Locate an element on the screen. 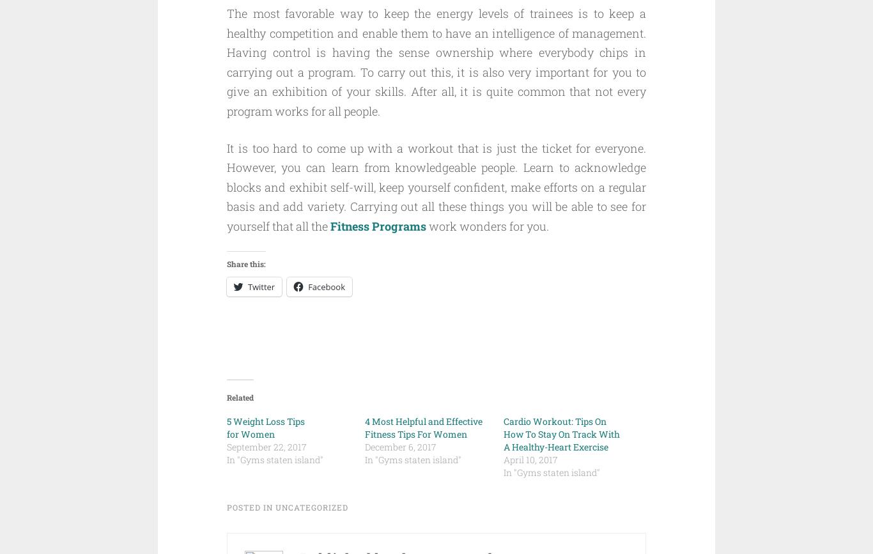  'Facebook' is located at coordinates (308, 286).